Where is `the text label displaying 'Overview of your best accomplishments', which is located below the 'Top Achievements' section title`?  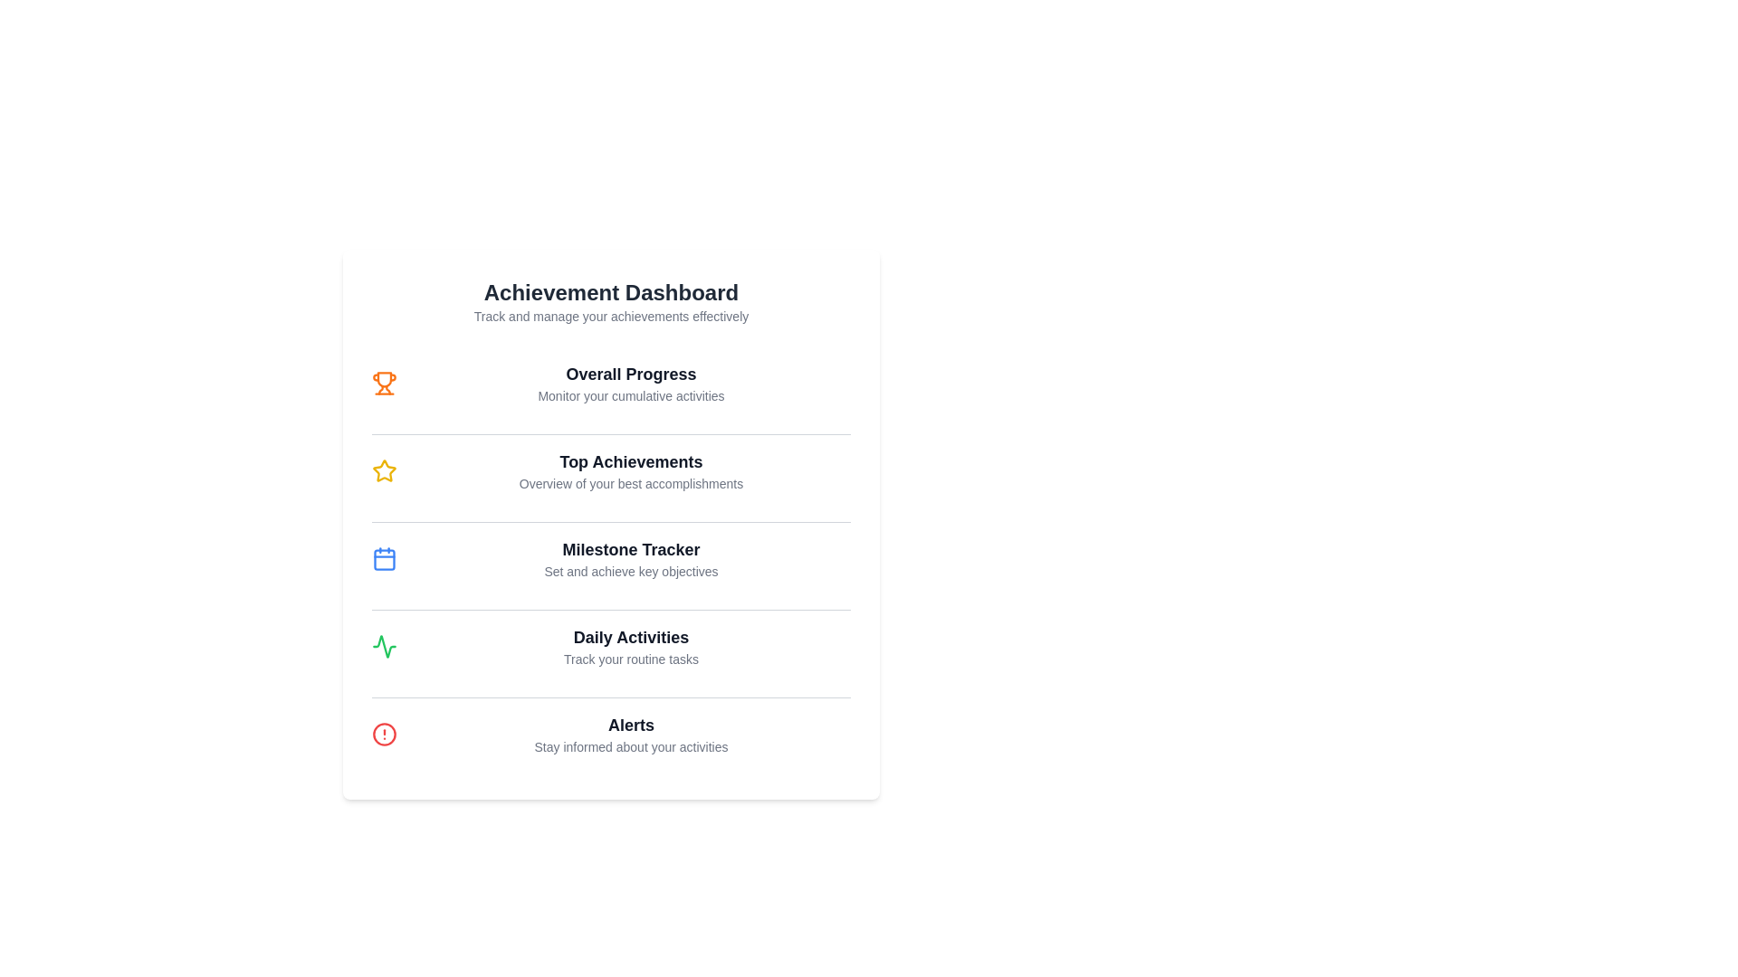
the text label displaying 'Overview of your best accomplishments', which is located below the 'Top Achievements' section title is located at coordinates (631, 483).